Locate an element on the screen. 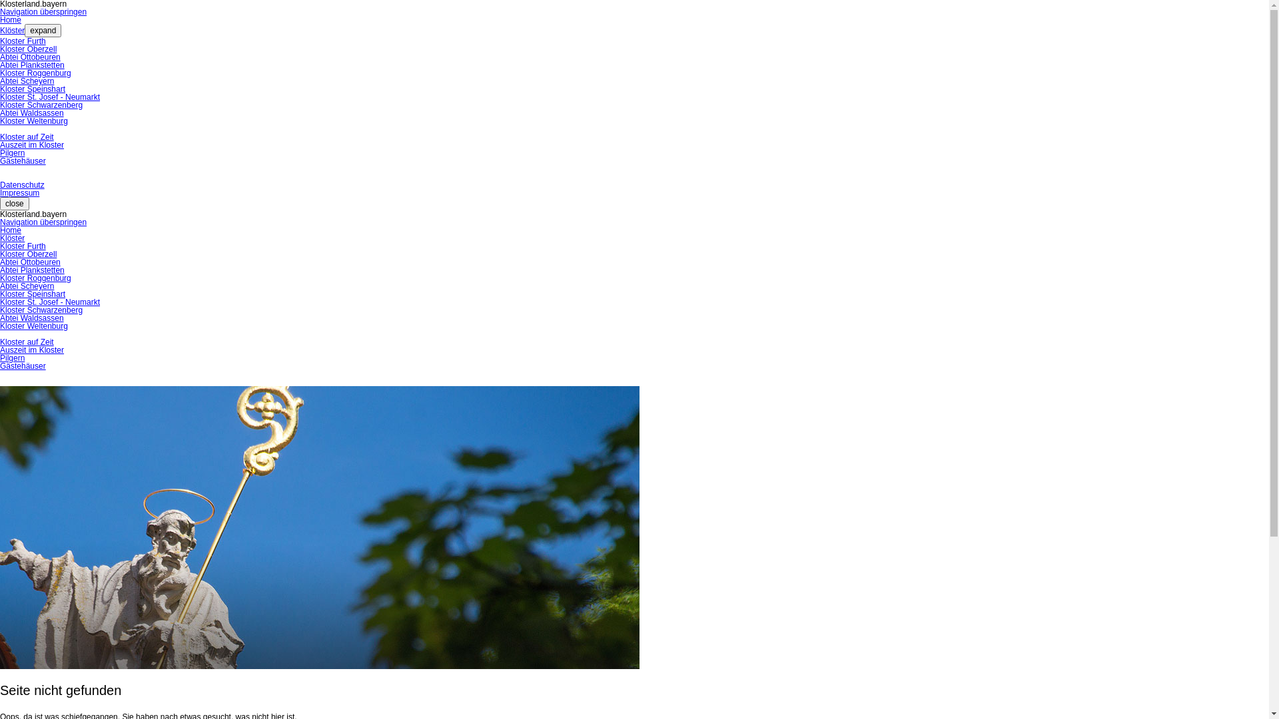  'Kloster Weltenburg' is located at coordinates (0, 326).